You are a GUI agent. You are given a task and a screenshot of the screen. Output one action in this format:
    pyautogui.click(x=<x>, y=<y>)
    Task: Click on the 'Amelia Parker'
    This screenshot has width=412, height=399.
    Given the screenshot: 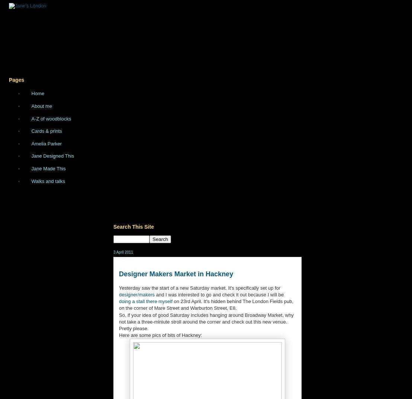 What is the action you would take?
    pyautogui.click(x=30, y=143)
    